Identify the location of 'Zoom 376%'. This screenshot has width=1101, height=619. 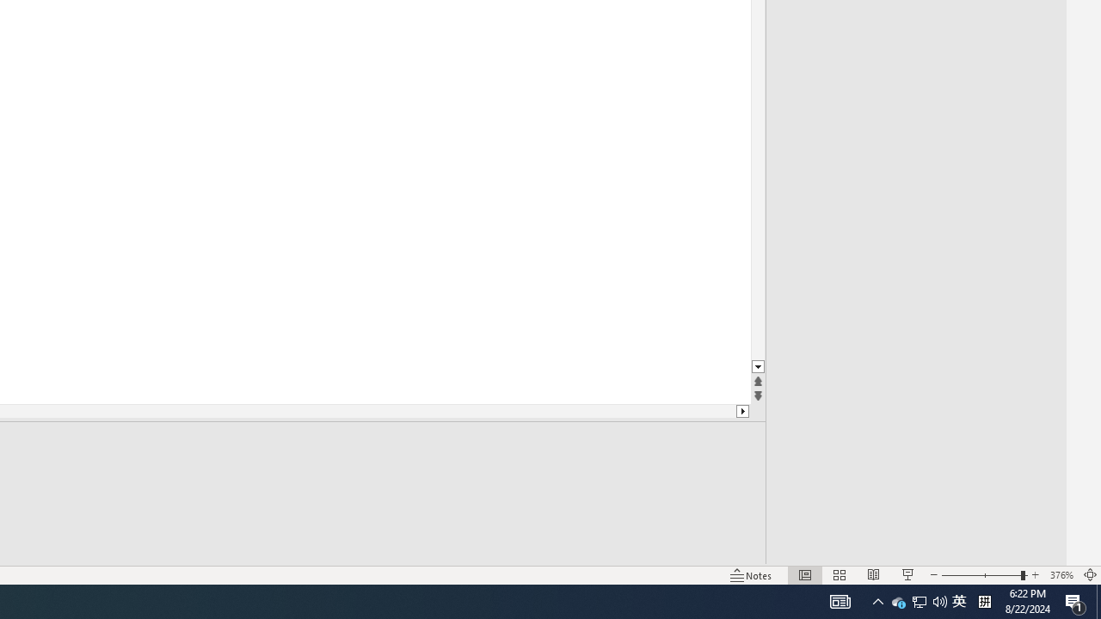
(1061, 575).